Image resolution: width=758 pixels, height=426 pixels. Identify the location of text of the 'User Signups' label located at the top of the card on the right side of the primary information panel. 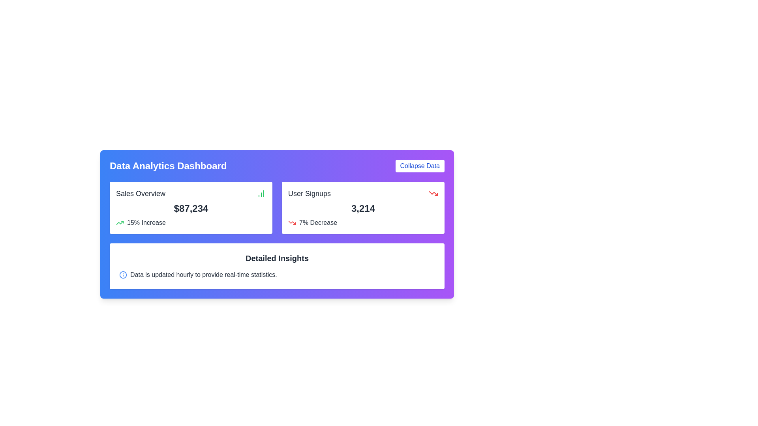
(309, 193).